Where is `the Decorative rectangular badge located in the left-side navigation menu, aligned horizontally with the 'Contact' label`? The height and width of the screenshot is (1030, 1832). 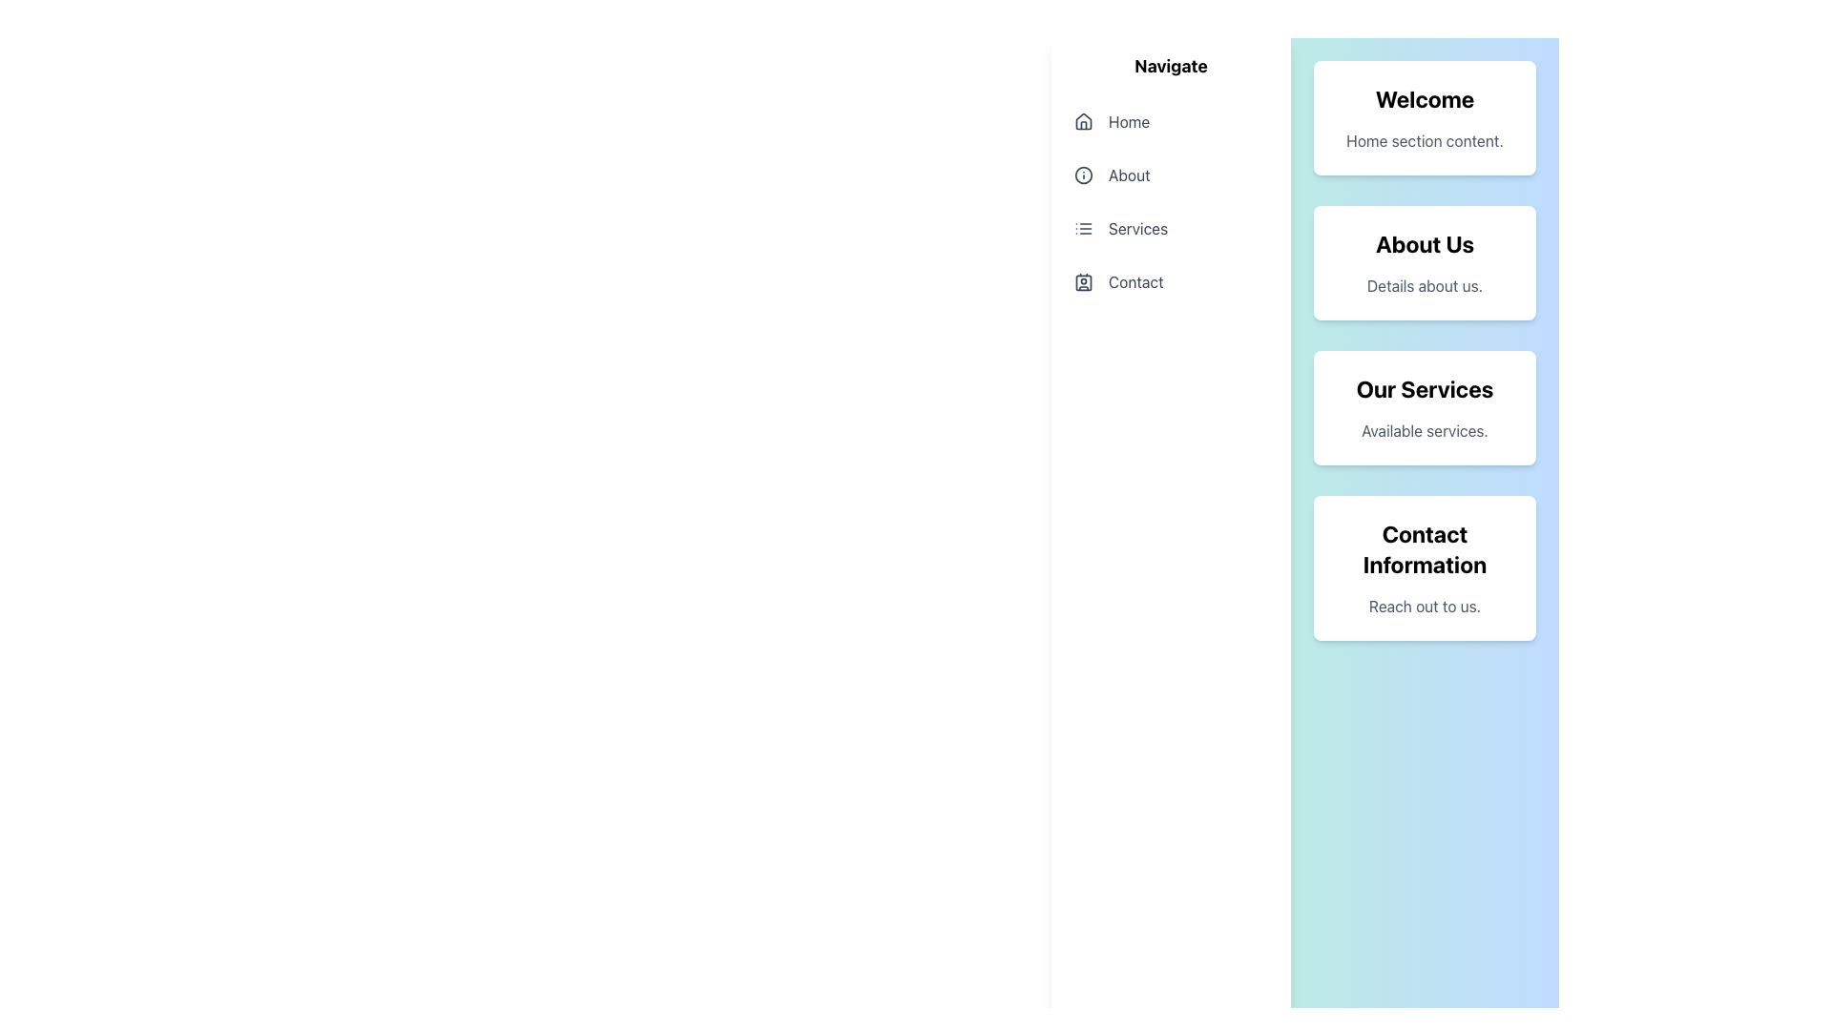
the Decorative rectangular badge located in the left-side navigation menu, aligned horizontally with the 'Contact' label is located at coordinates (1084, 282).